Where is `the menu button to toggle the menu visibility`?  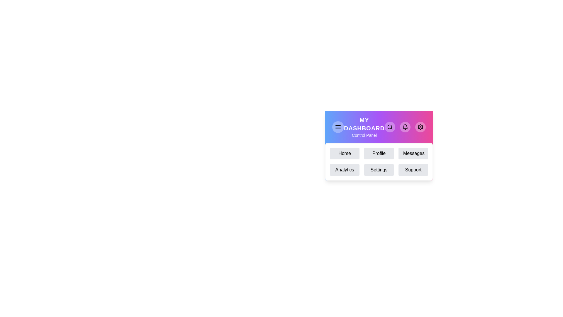
the menu button to toggle the menu visibility is located at coordinates (338, 127).